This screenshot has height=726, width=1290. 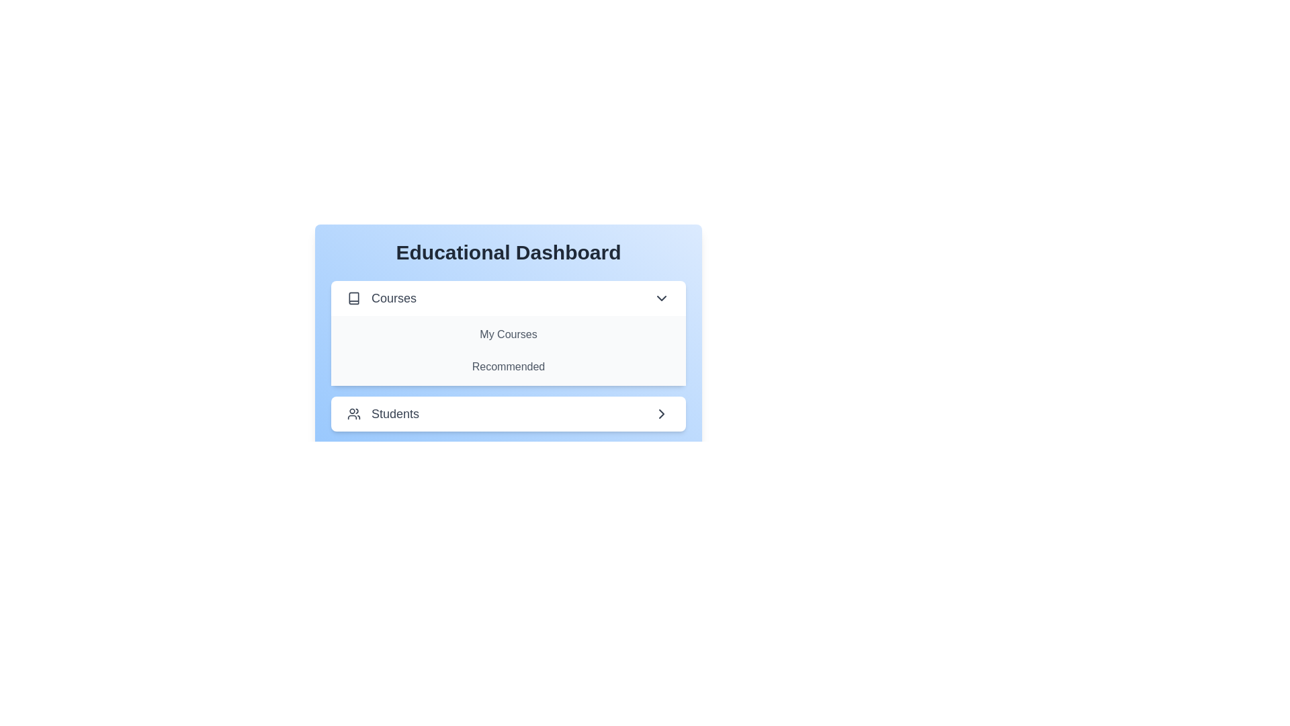 I want to click on the text of the section or item Students, so click(x=508, y=413).